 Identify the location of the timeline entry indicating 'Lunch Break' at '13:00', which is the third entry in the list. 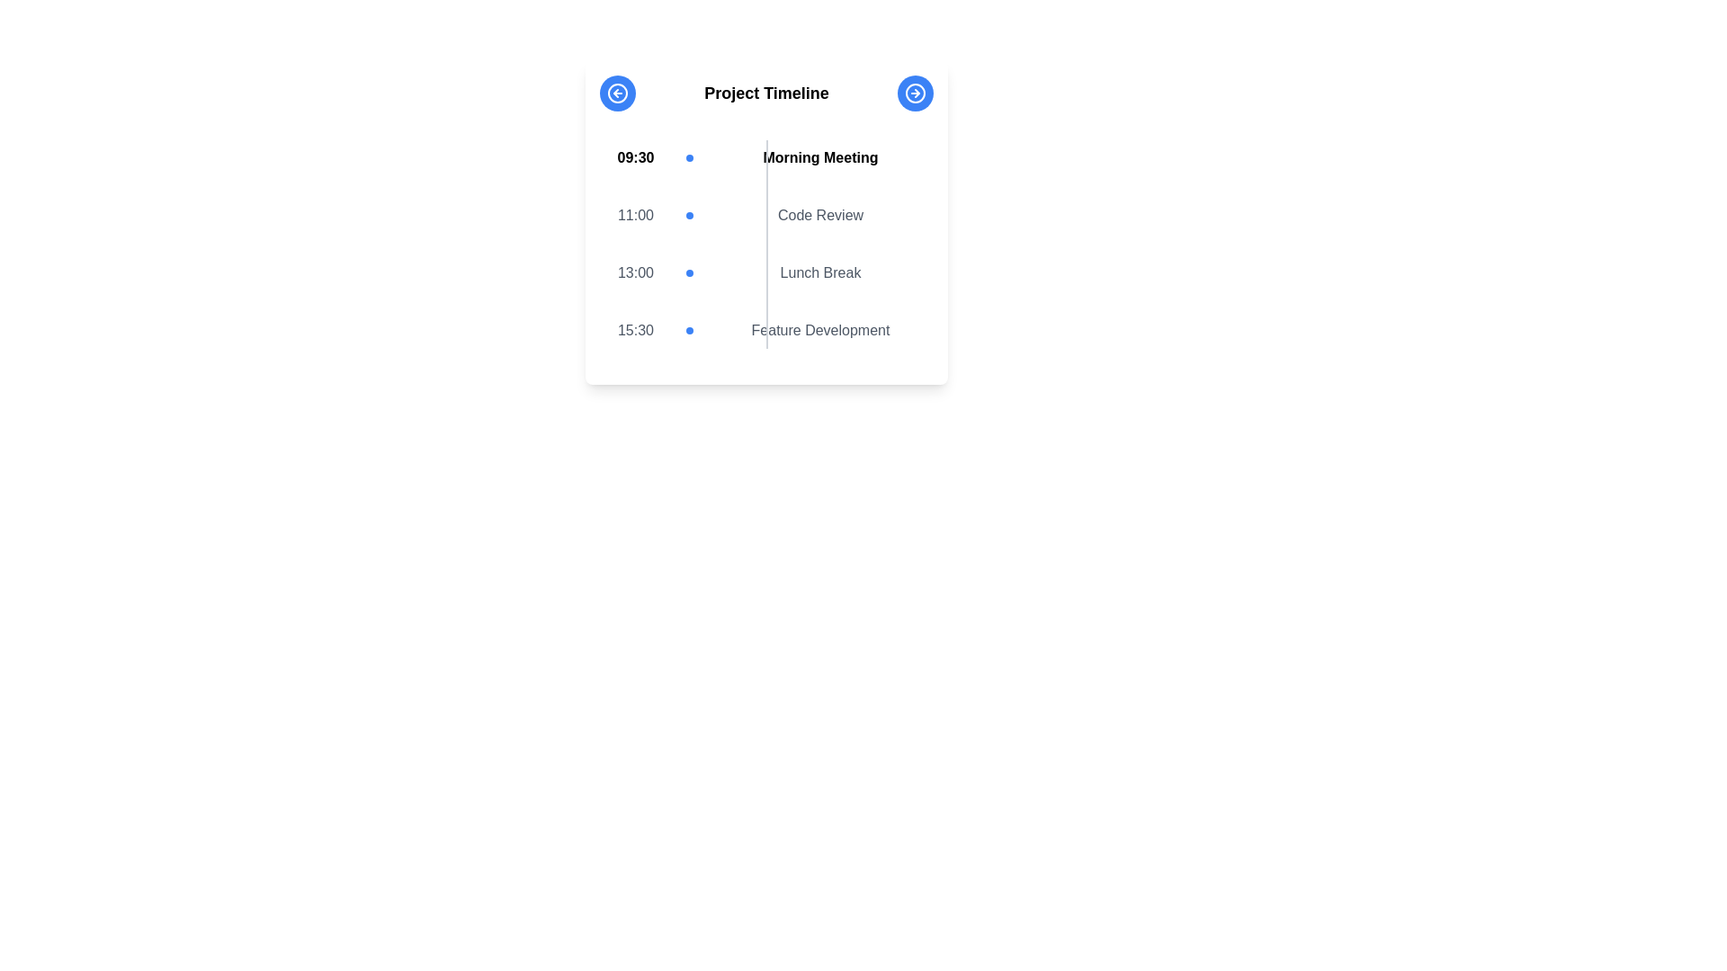
(766, 273).